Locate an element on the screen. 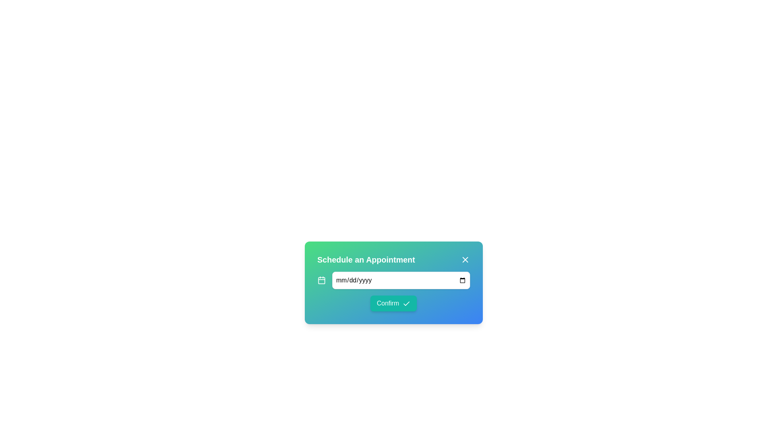  the checkmark-shaped icon that is located inside the green 'Confirm' button, which is positioned below the date input field in the 'Schedule an Appointment' dialog box is located at coordinates (406, 303).